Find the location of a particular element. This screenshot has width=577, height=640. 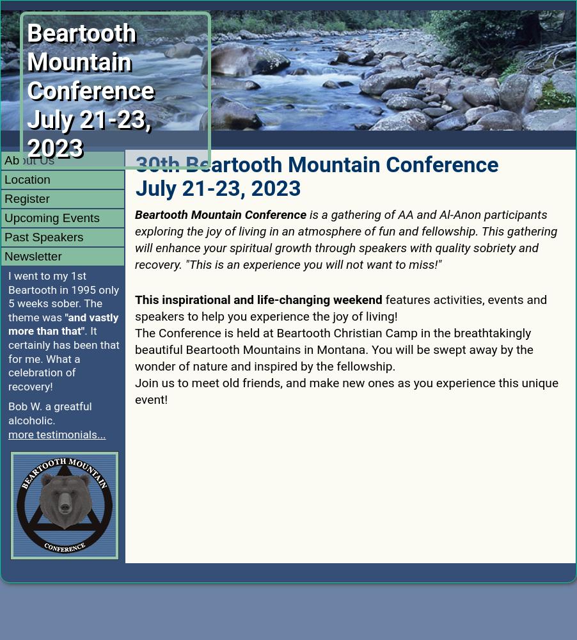

'The Conference is held at Beartooth Christian Camp in the breathtakingly beautiful
Beartooth Mountains in Montana. You will be swept away by the wonder of nature
and inspired by the fellowship.' is located at coordinates (134, 349).